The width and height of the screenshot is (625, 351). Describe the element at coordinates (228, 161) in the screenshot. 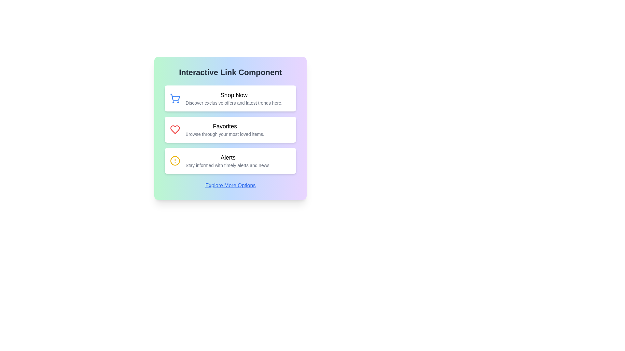

I see `the text element that serves as the title and description of the 'Alerts' section, located in the third interactive box with a yellow circle icon to the left` at that location.